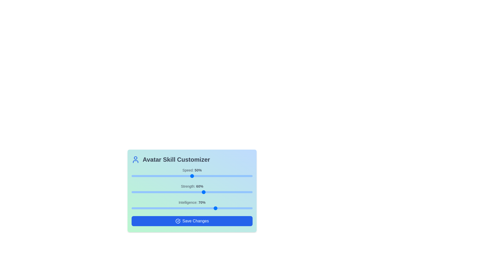 This screenshot has width=484, height=272. What do you see at coordinates (192, 221) in the screenshot?
I see `the 'Save Changes' button with a blue background and a checkmark icon` at bounding box center [192, 221].